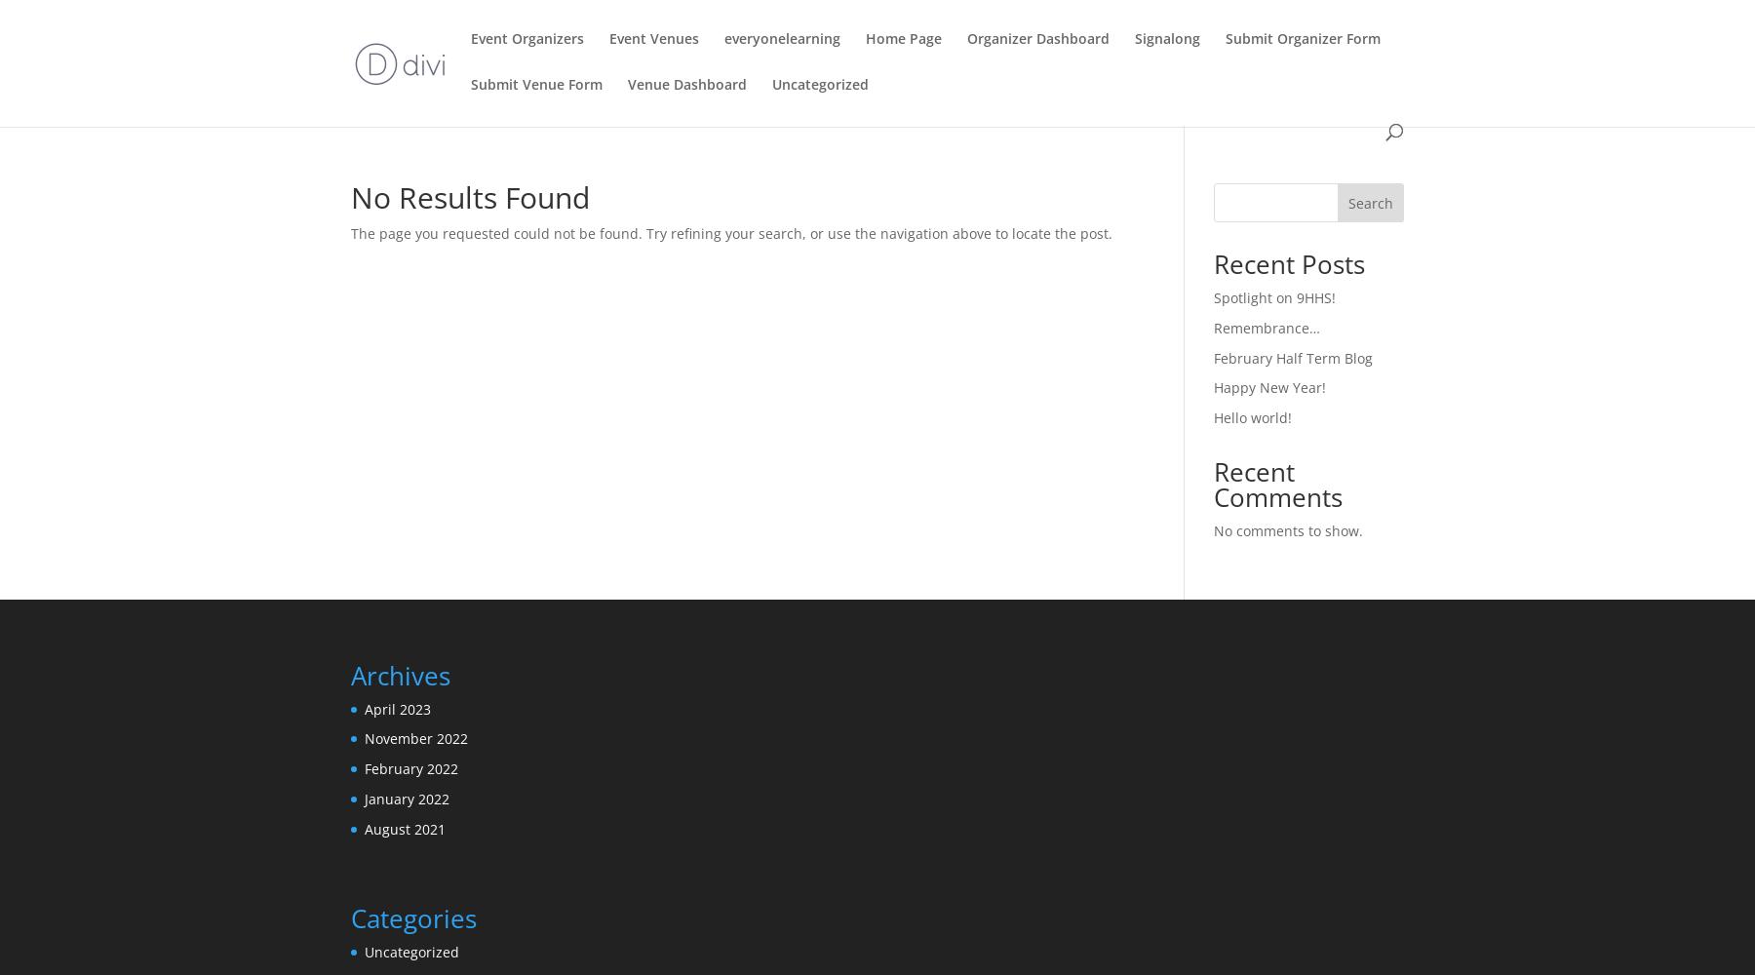 The image size is (1755, 975). What do you see at coordinates (1212, 483) in the screenshot?
I see `'Recent Comments'` at bounding box center [1212, 483].